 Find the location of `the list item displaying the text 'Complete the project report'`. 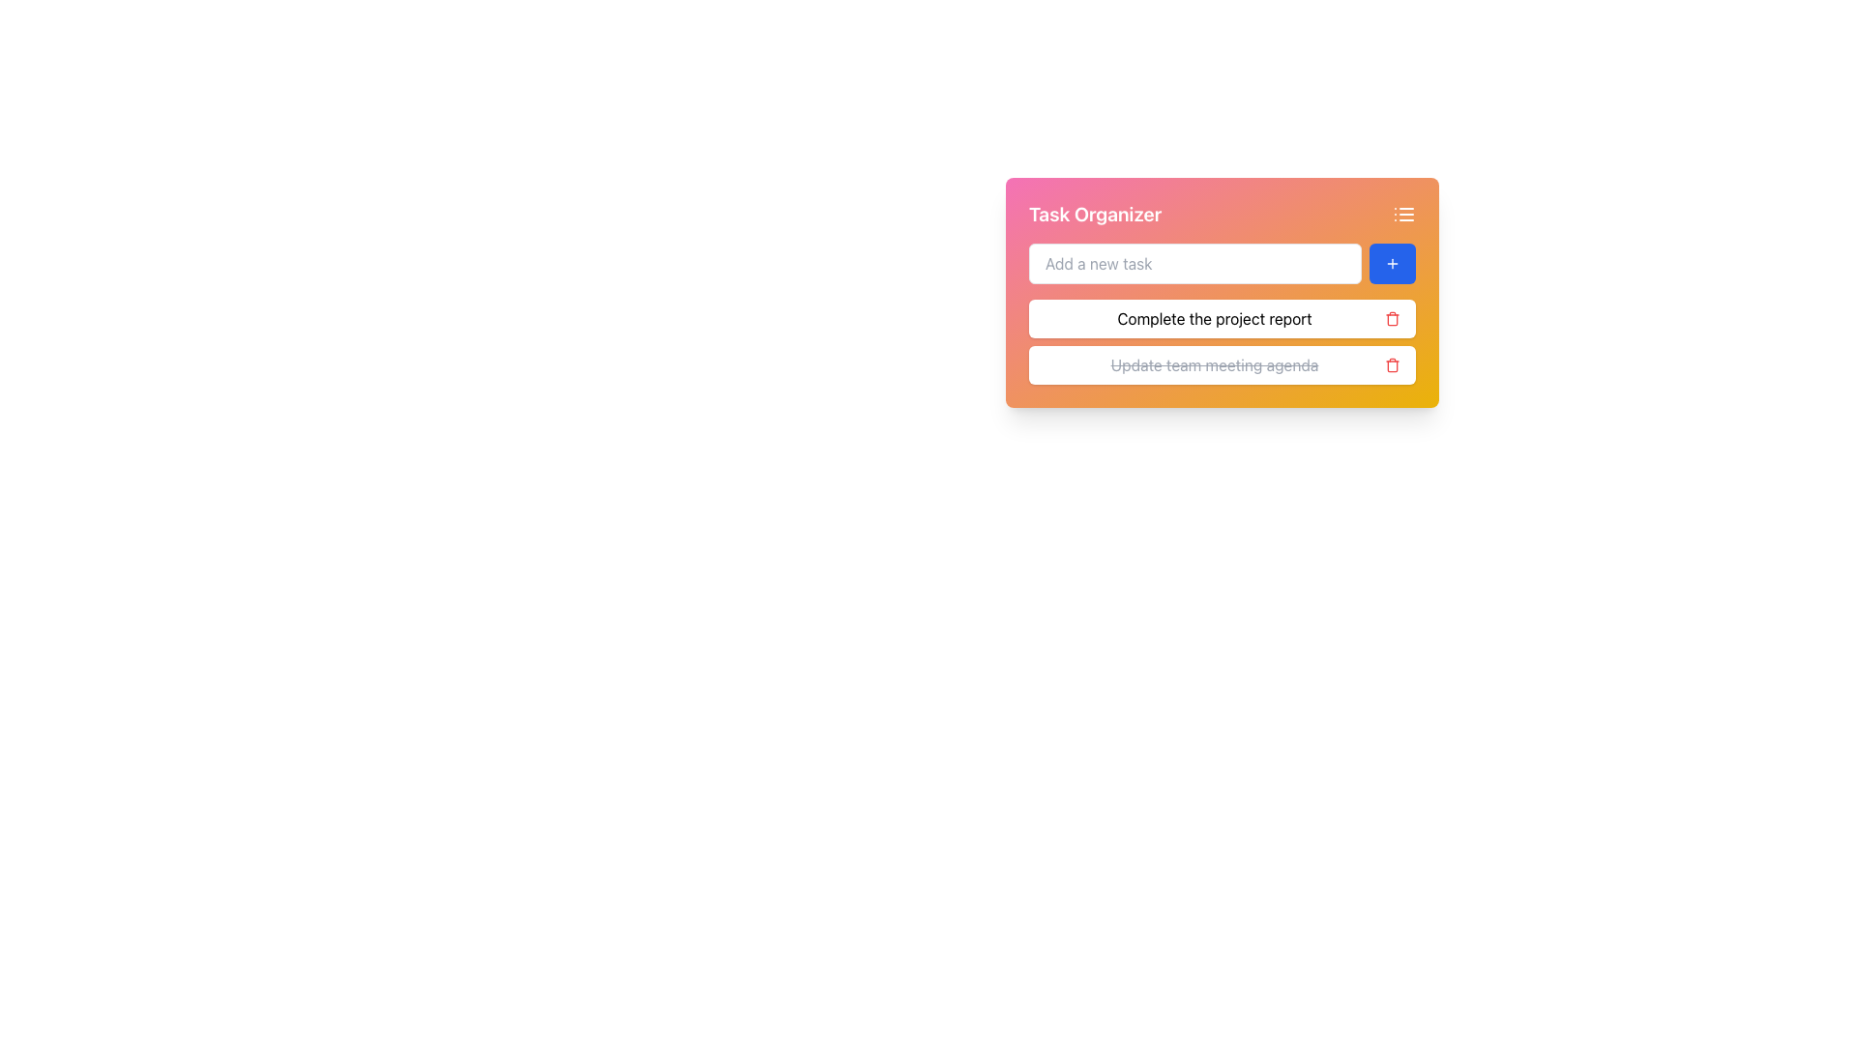

the list item displaying the text 'Complete the project report' is located at coordinates (1221, 318).